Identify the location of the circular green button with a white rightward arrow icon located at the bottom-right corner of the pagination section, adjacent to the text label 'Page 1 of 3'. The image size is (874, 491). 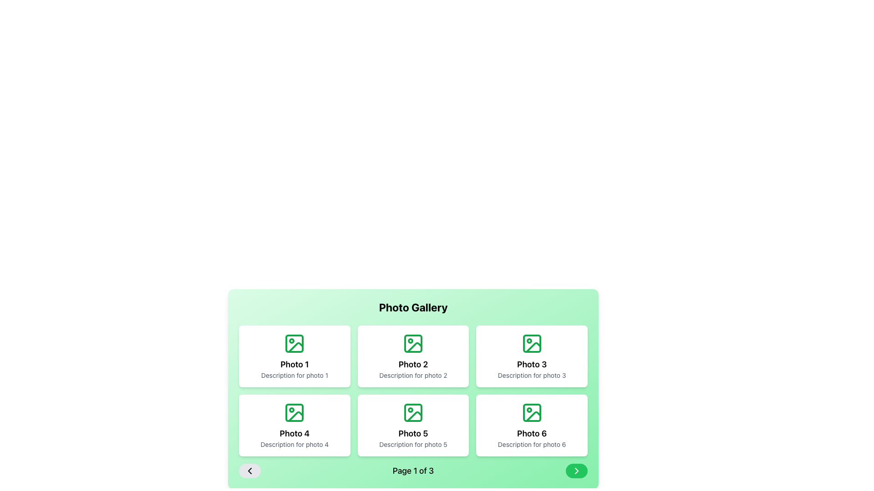
(576, 471).